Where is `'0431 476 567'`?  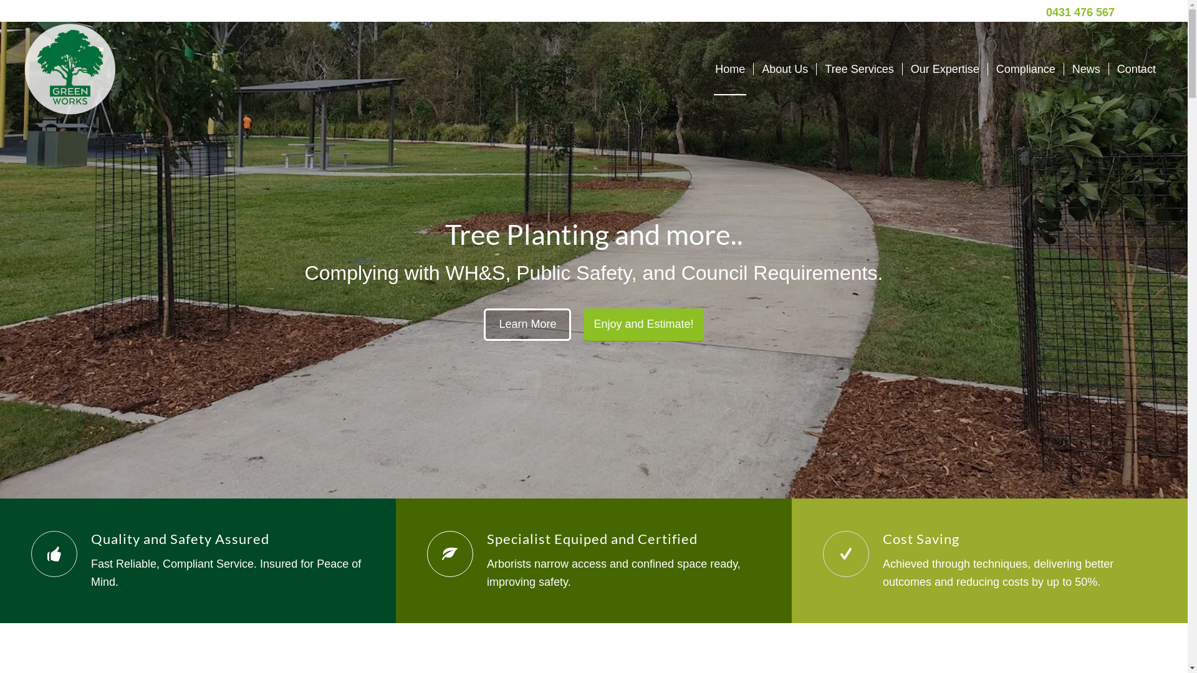
'0431 476 567' is located at coordinates (1079, 12).